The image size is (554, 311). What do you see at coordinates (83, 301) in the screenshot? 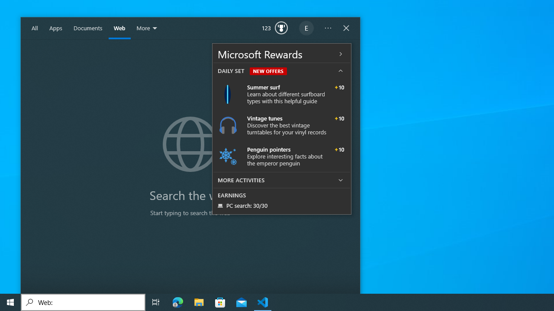
I see `'Search box'` at bounding box center [83, 301].